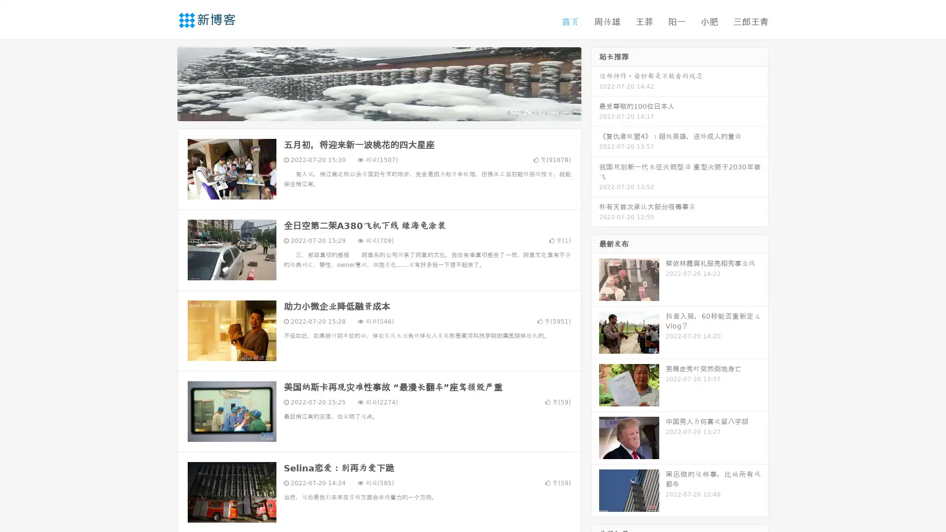  I want to click on Next slide, so click(595, 83).